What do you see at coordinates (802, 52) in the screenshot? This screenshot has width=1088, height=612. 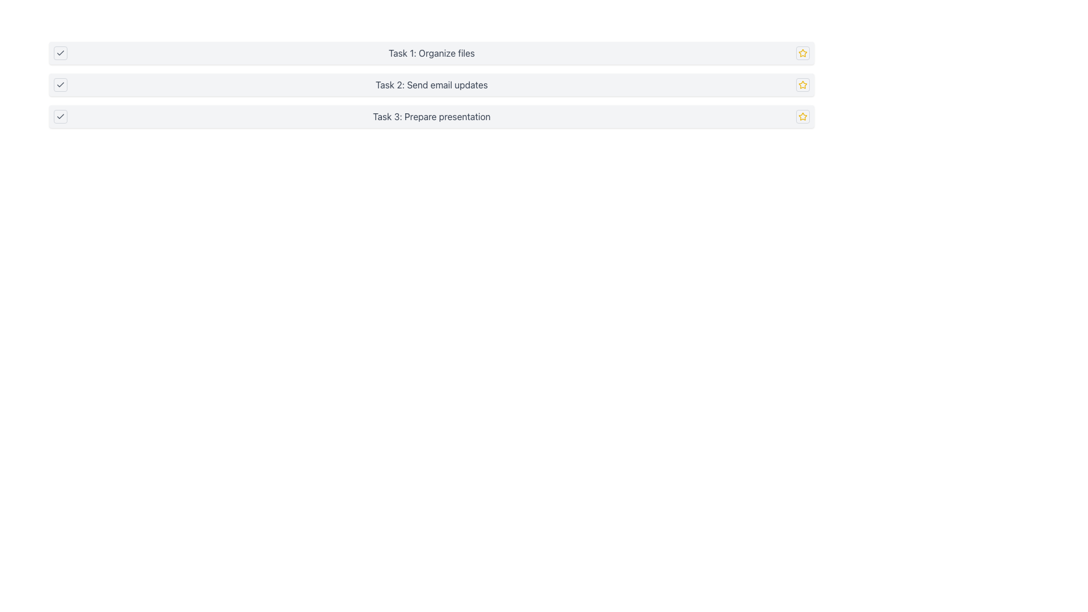 I see `the yellow star icon with a hollow center located on the far right of the topmost row labeled 'Task 1: Organize files' to mark it as a favorite` at bounding box center [802, 52].